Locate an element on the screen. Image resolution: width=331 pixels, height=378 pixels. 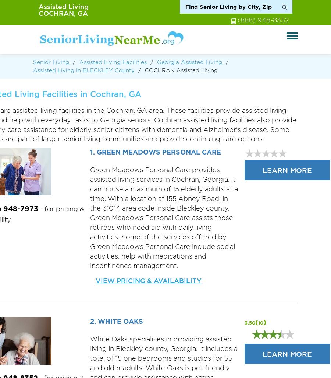
'Green Meadows Personal Care' is located at coordinates (159, 152).